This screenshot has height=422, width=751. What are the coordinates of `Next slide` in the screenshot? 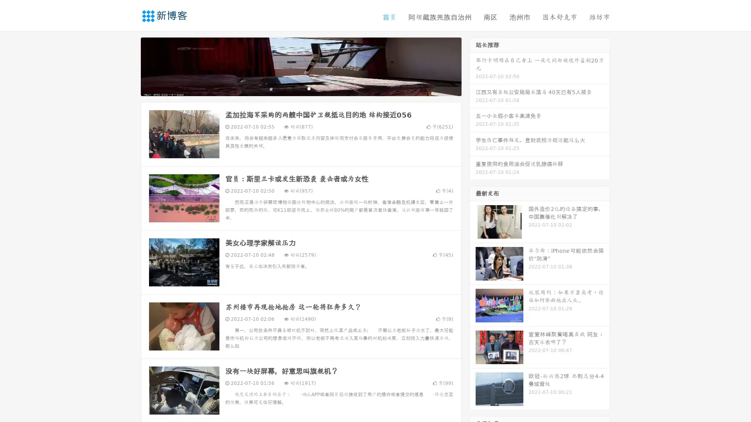 It's located at (473, 66).